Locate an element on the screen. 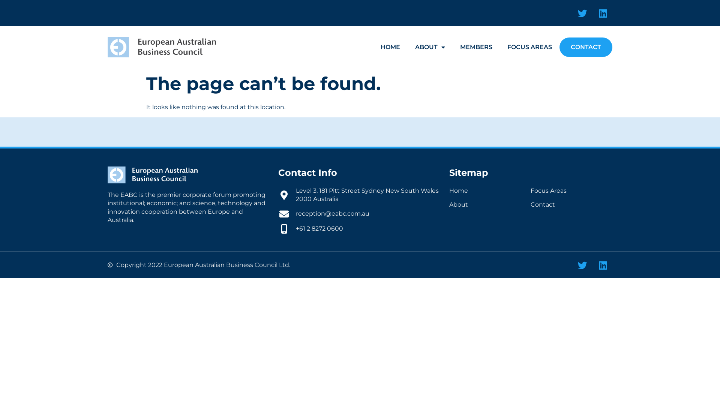 This screenshot has height=405, width=720. 'FOCUS AREAS' is located at coordinates (500, 47).